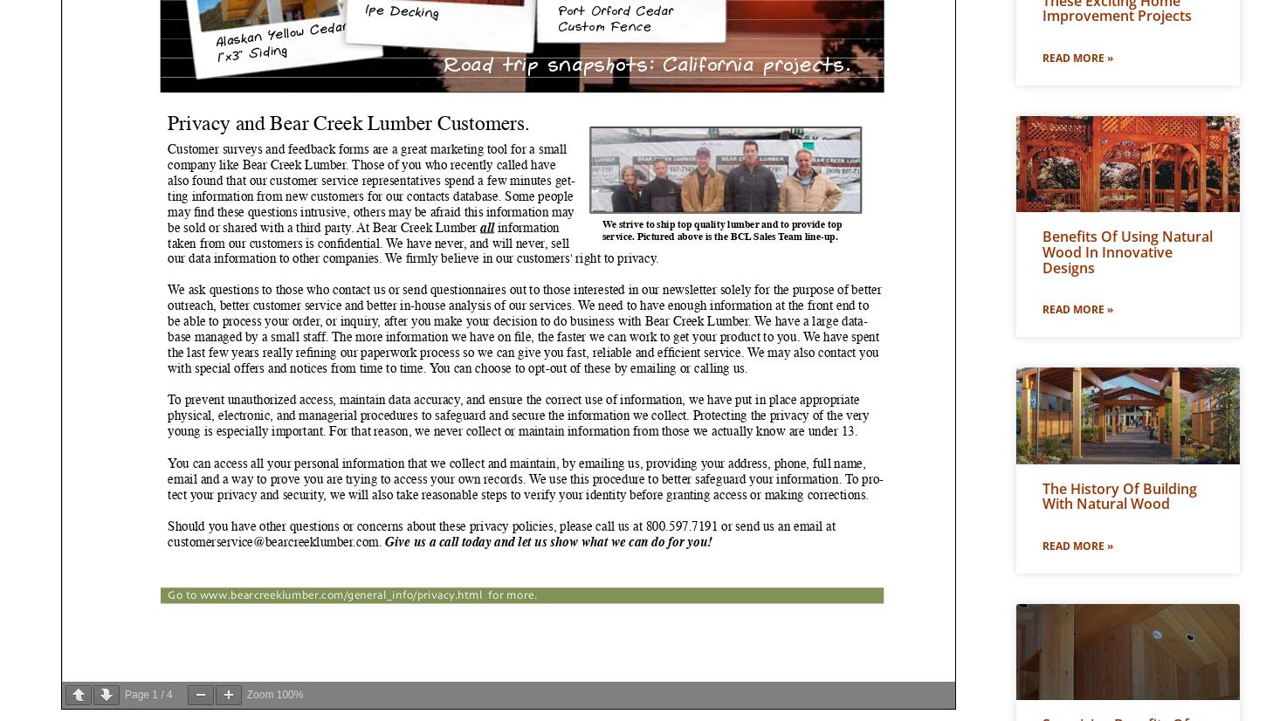 This screenshot has height=721, width=1266. I want to click on 'Zoom', so click(260, 695).